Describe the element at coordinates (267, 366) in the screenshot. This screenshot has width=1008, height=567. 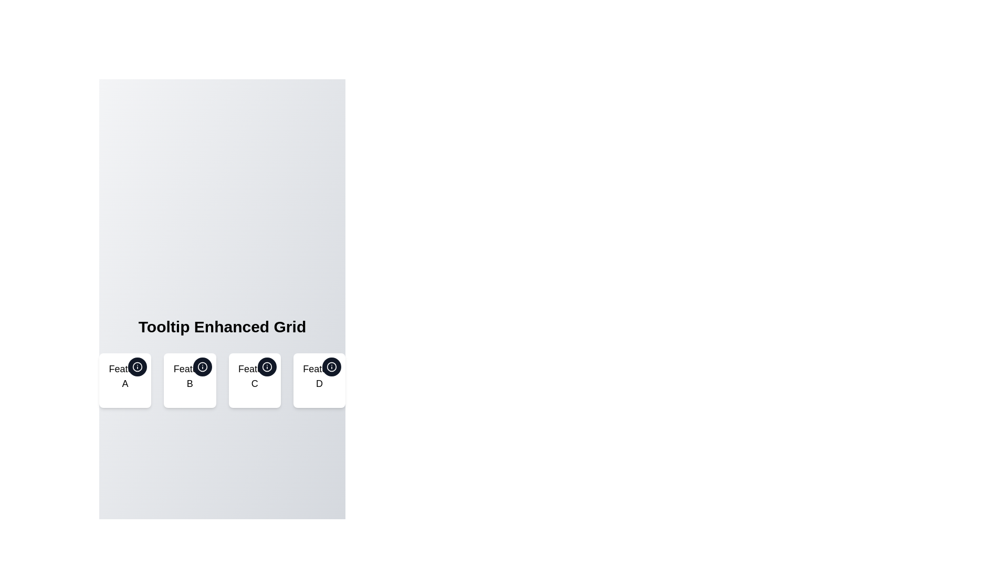
I see `the circular button with a dark background and white tooltip icon located at the top-right corner of the card labeled 'Feature C'` at that location.